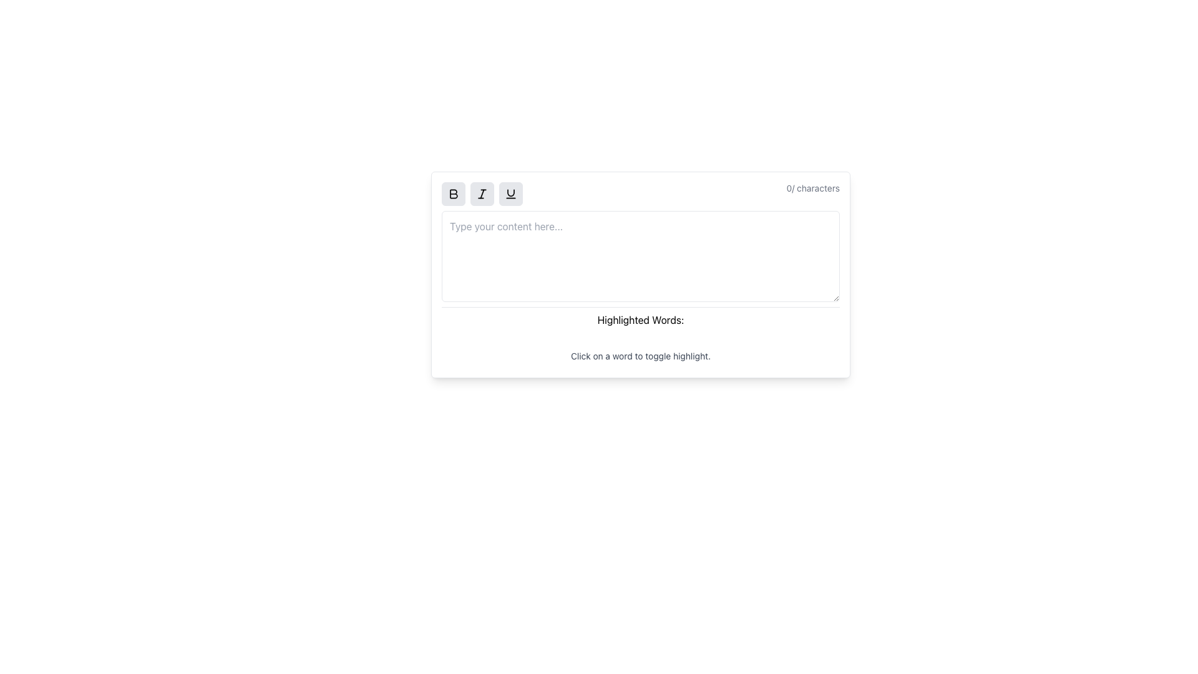  What do you see at coordinates (511, 194) in the screenshot?
I see `the button featuring a stylized 'U' underline symbol` at bounding box center [511, 194].